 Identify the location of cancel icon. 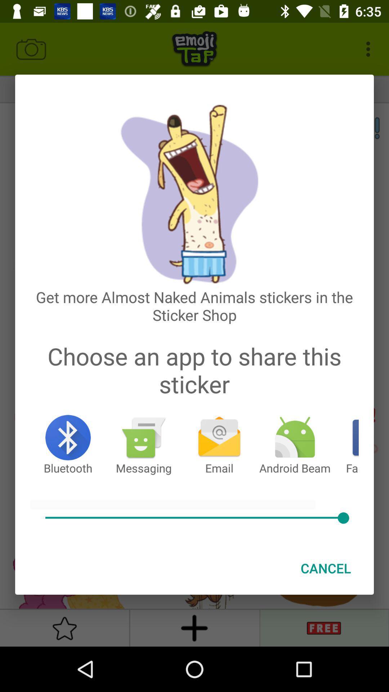
(326, 568).